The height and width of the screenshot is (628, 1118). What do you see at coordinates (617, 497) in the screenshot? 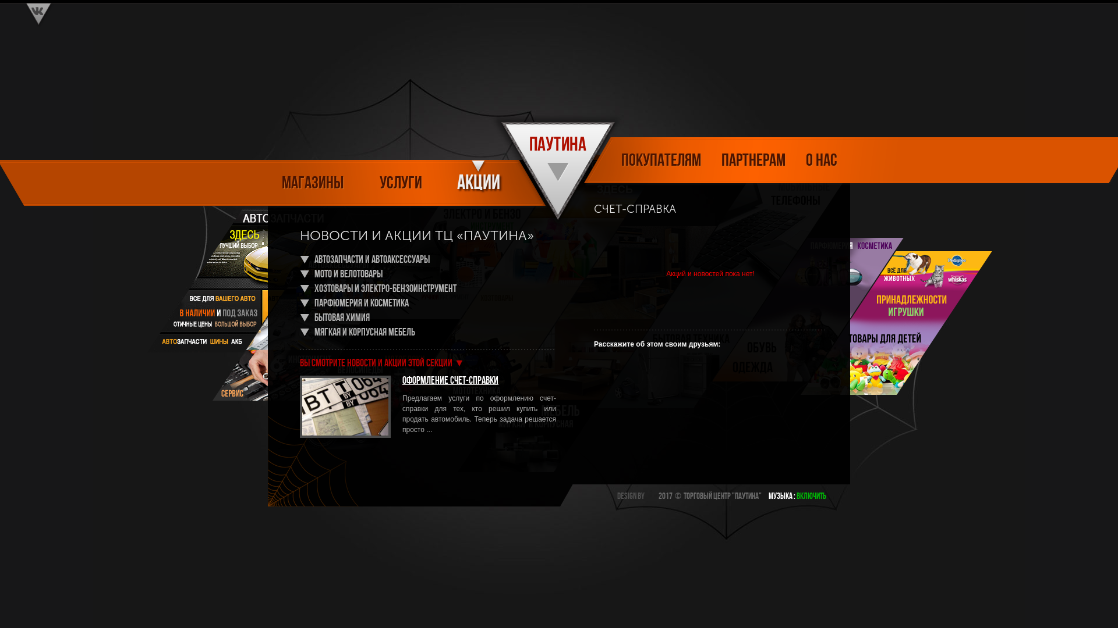
I see `'Design by'` at bounding box center [617, 497].